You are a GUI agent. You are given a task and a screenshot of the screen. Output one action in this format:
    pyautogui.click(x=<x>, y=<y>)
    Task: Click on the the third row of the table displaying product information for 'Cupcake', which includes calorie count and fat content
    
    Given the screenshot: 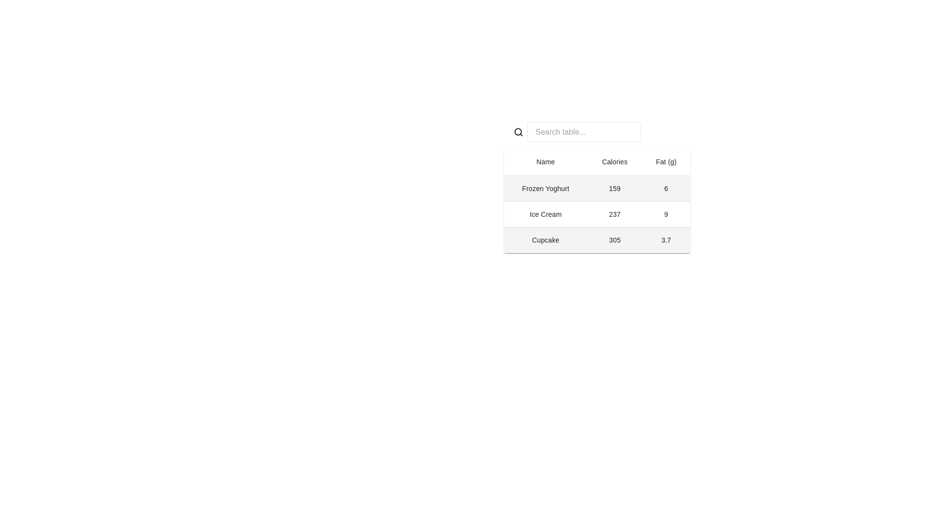 What is the action you would take?
    pyautogui.click(x=596, y=240)
    